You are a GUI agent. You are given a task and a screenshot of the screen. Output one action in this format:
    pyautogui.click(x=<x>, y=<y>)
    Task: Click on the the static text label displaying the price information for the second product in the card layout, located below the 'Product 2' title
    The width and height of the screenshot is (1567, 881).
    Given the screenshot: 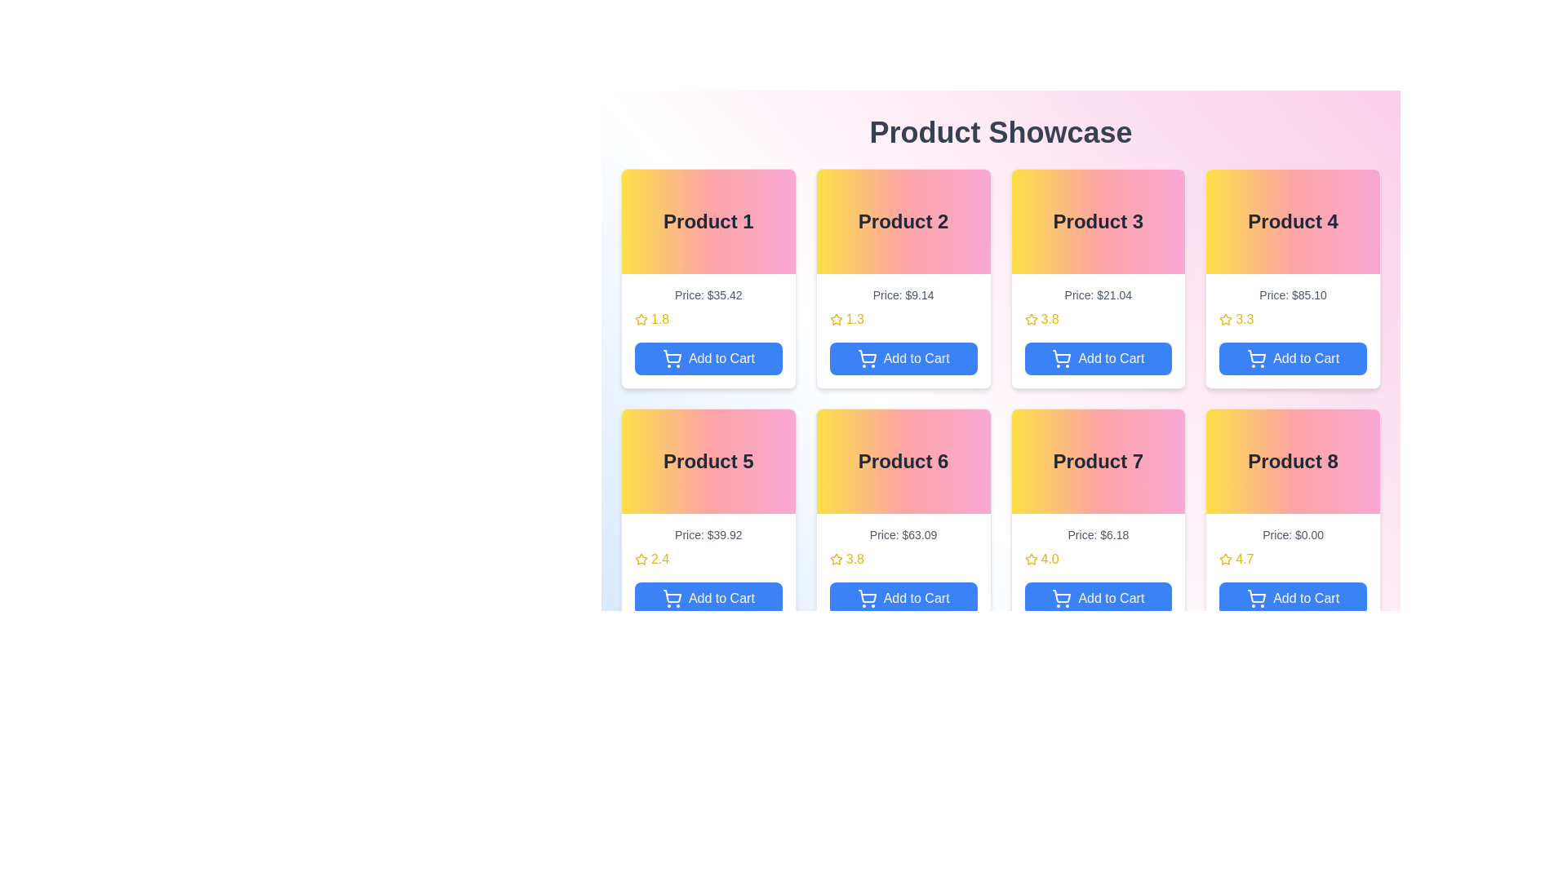 What is the action you would take?
    pyautogui.click(x=903, y=295)
    